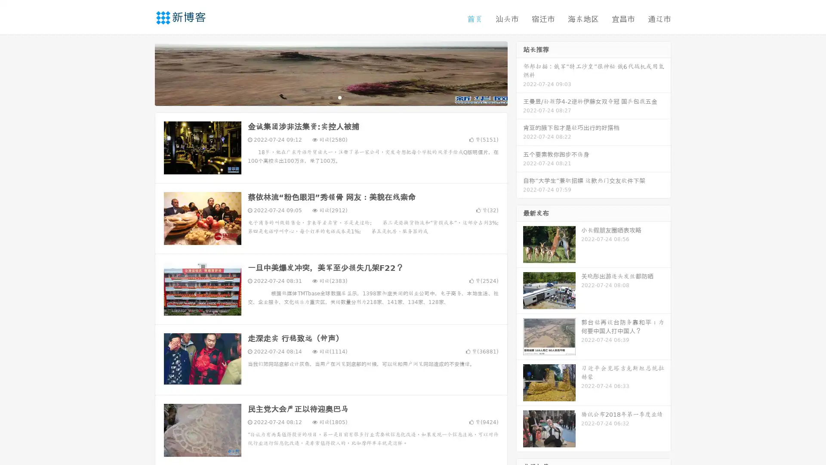 This screenshot has height=465, width=826. Describe the element at coordinates (330, 97) in the screenshot. I see `Go to slide 2` at that location.